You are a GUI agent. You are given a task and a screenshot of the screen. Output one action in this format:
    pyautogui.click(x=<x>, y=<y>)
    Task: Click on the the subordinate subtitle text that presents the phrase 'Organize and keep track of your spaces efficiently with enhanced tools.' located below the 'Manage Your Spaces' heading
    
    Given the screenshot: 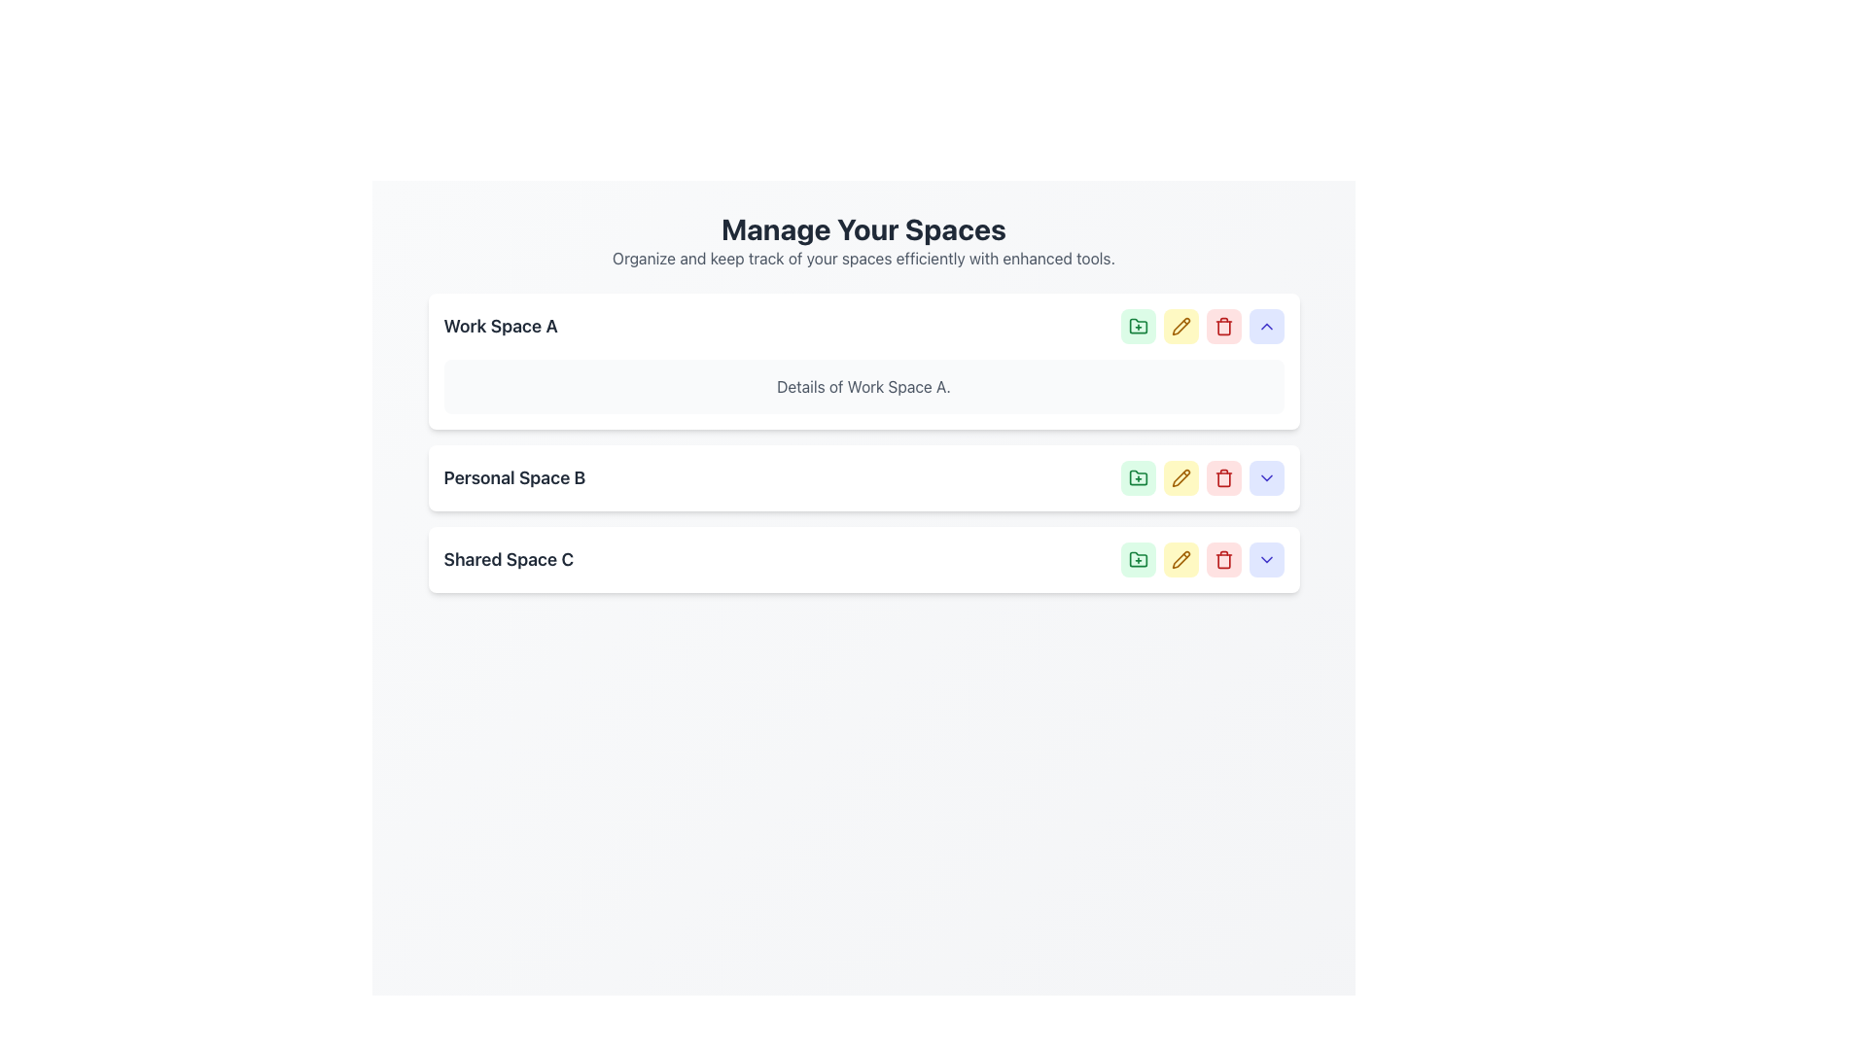 What is the action you would take?
    pyautogui.click(x=863, y=258)
    